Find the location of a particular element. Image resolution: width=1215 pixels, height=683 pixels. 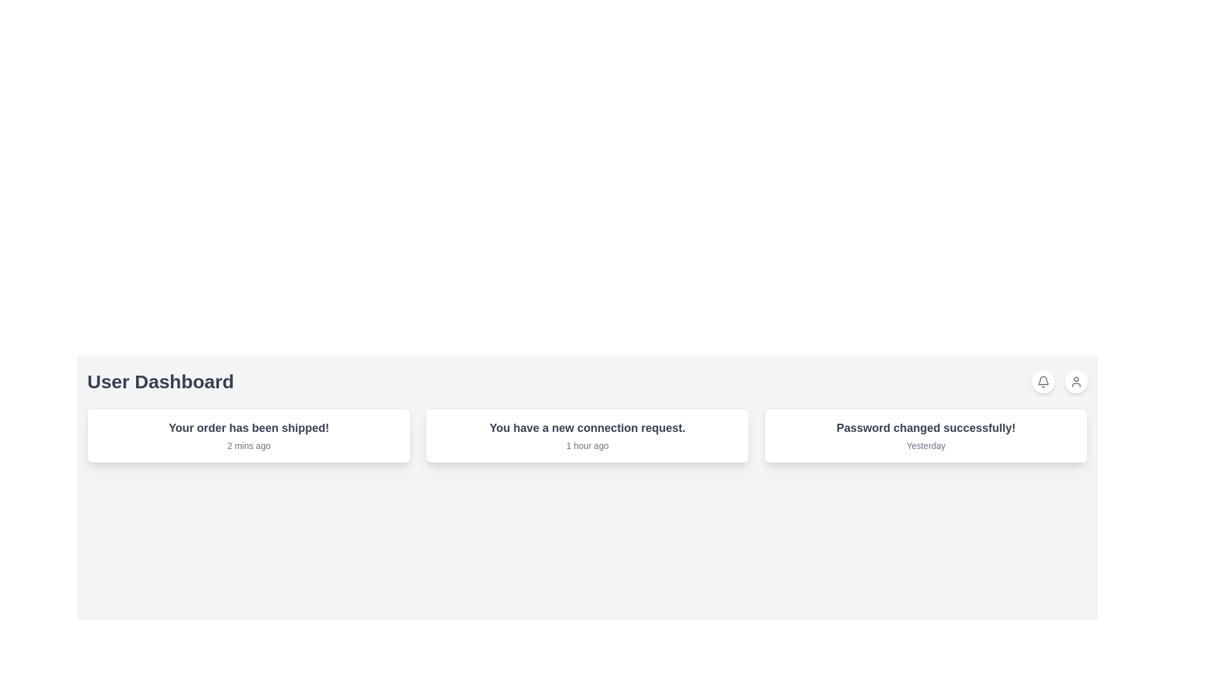

the notification panel trigger button located at the top right corner of the user interface, just to the left of the circular profile icon is located at coordinates (1044, 381).